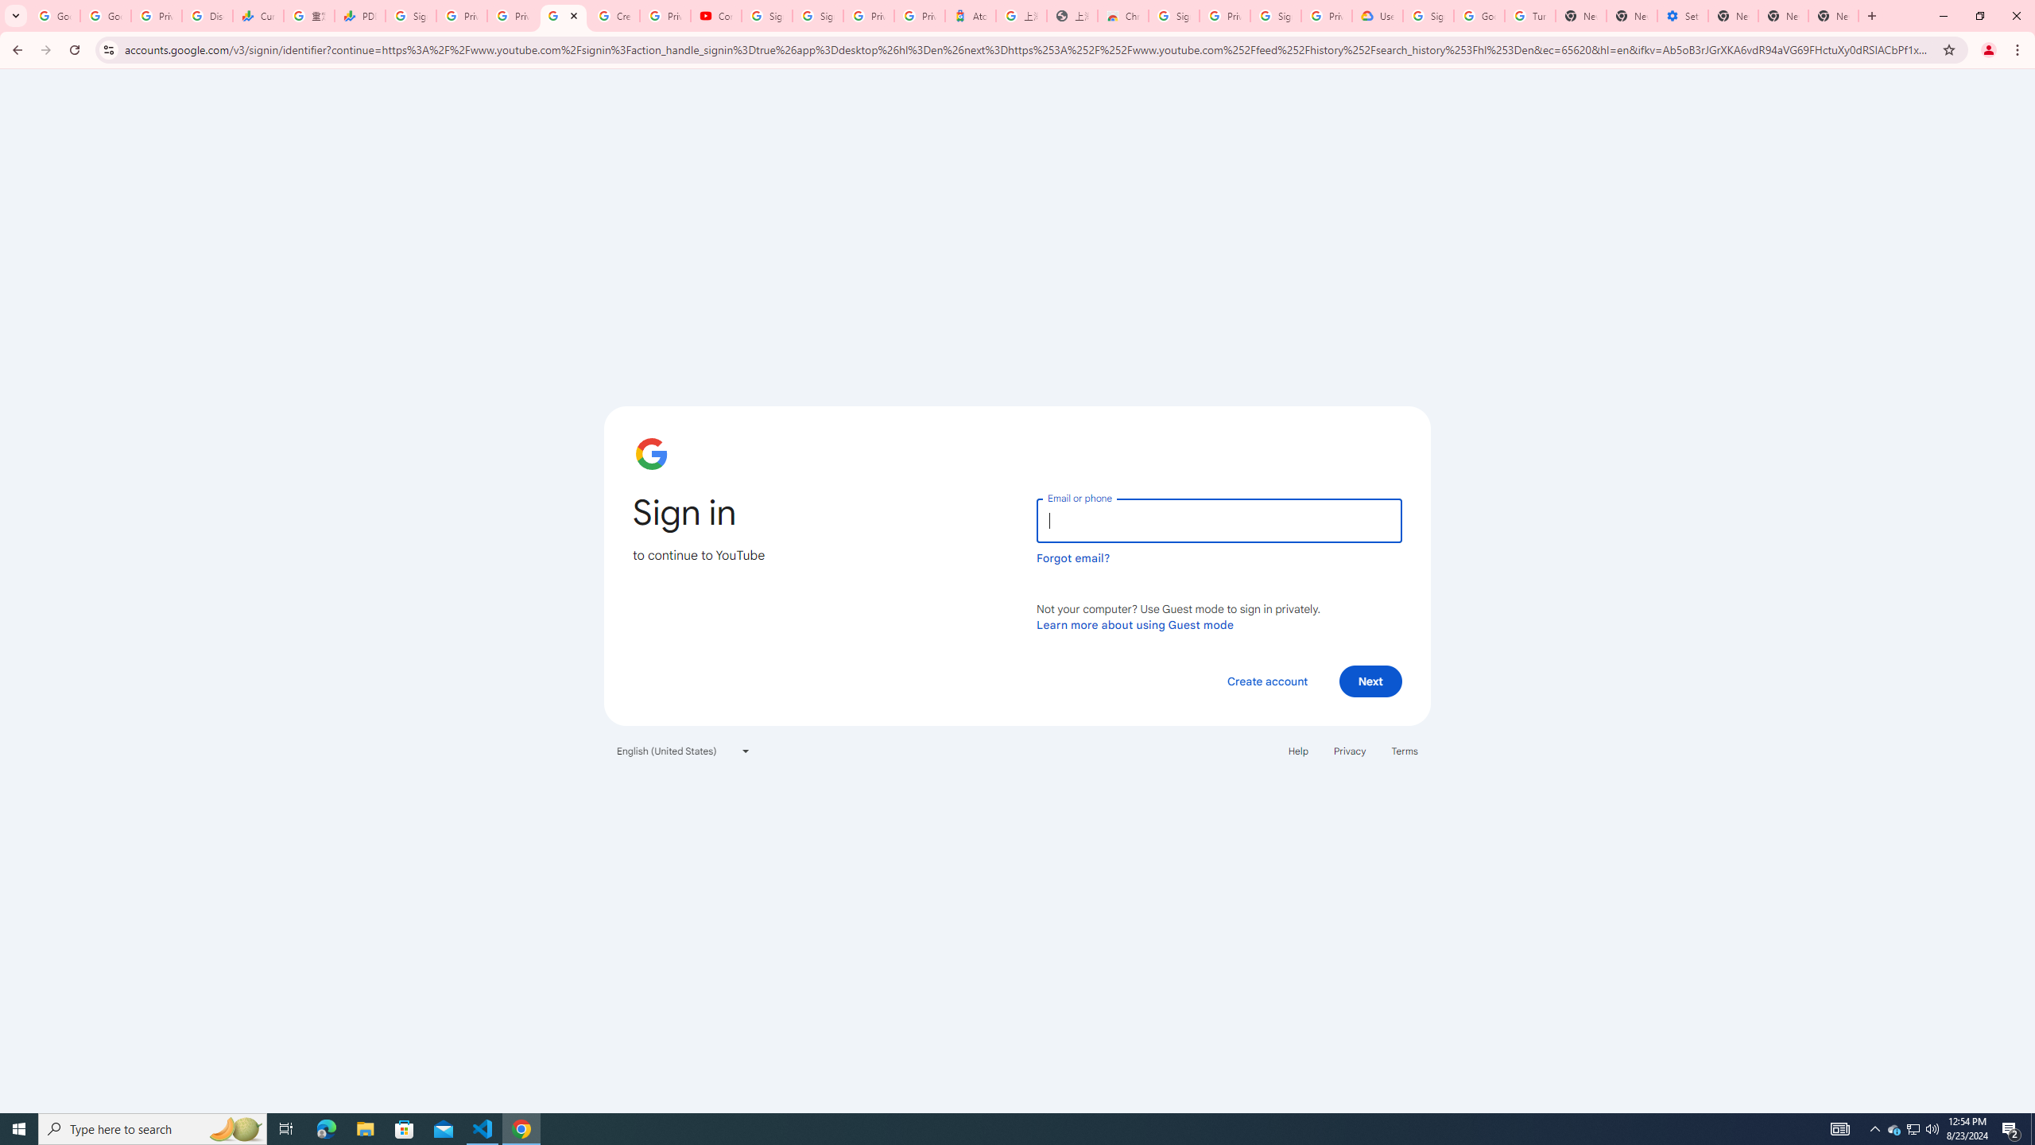 The image size is (2035, 1145). I want to click on 'Privacy Checkup', so click(512, 15).